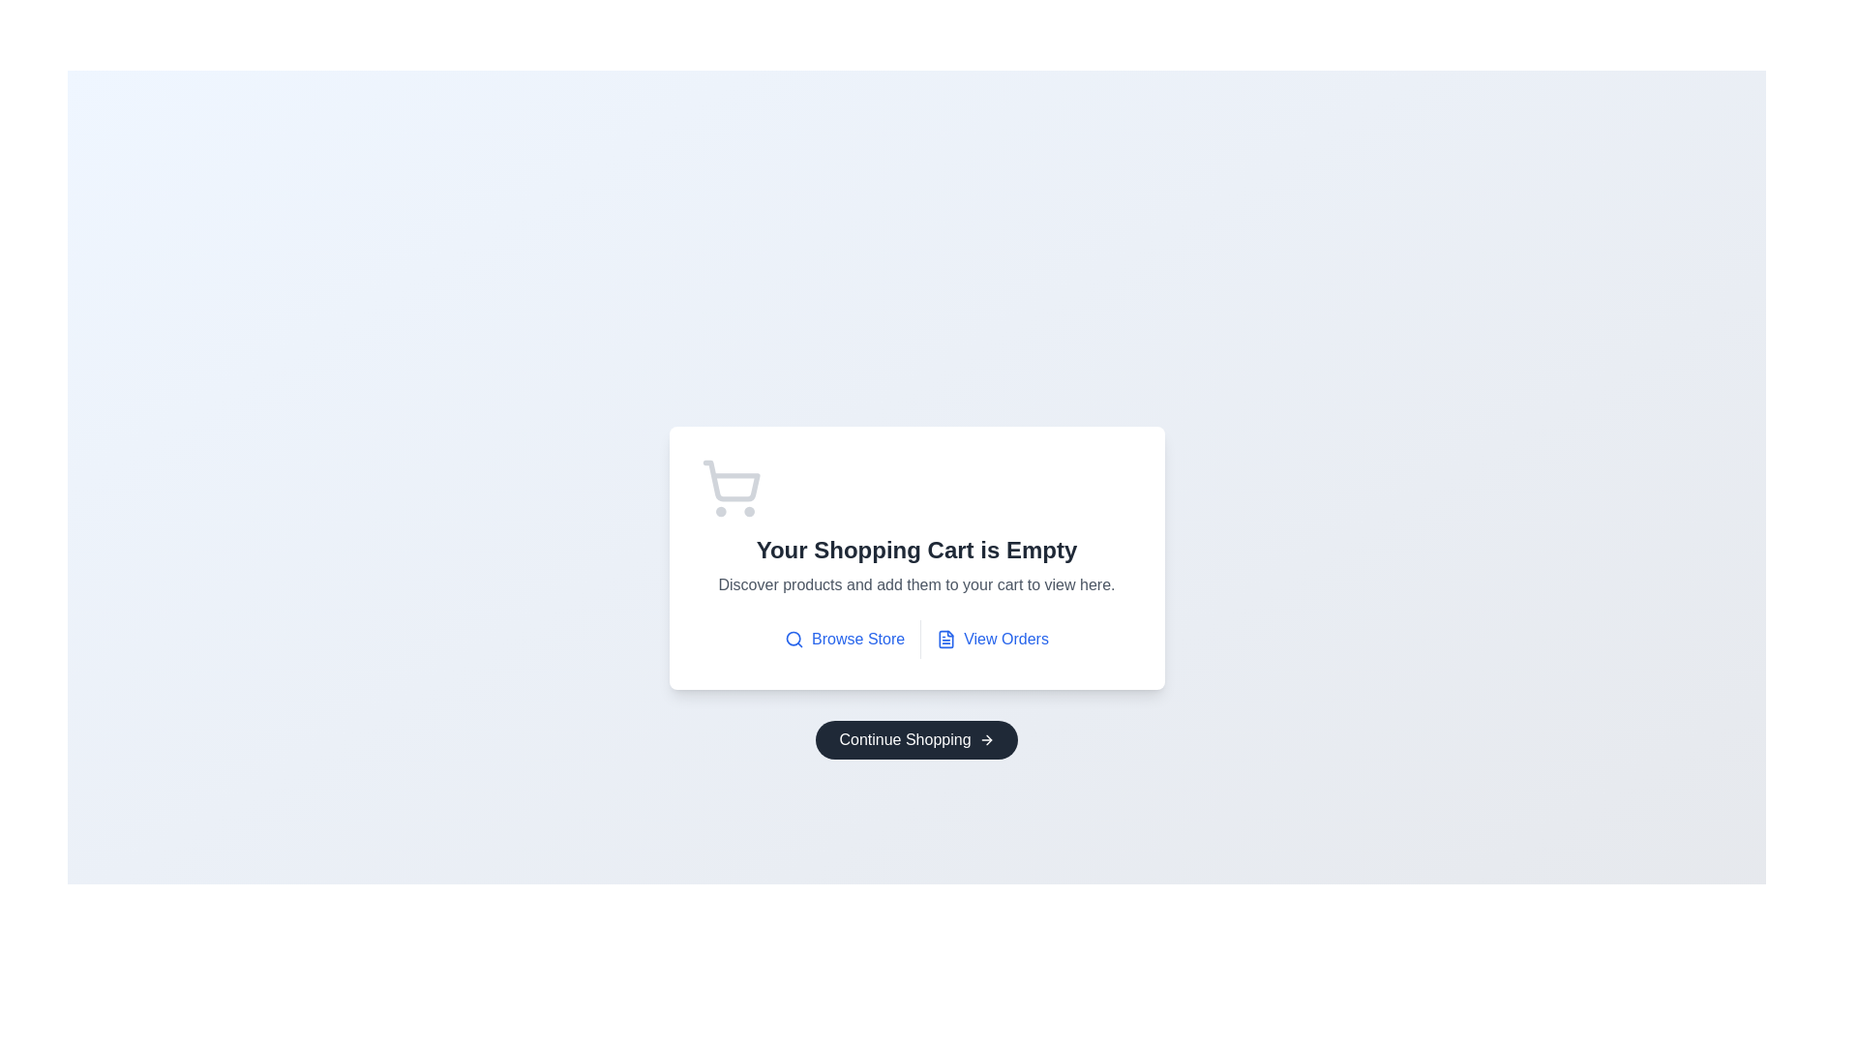 The width and height of the screenshot is (1858, 1045). What do you see at coordinates (730, 488) in the screenshot?
I see `the shopping cart icon located at the top-left corner of the card that displays the message 'Your Shopping Cart is Empty.'` at bounding box center [730, 488].